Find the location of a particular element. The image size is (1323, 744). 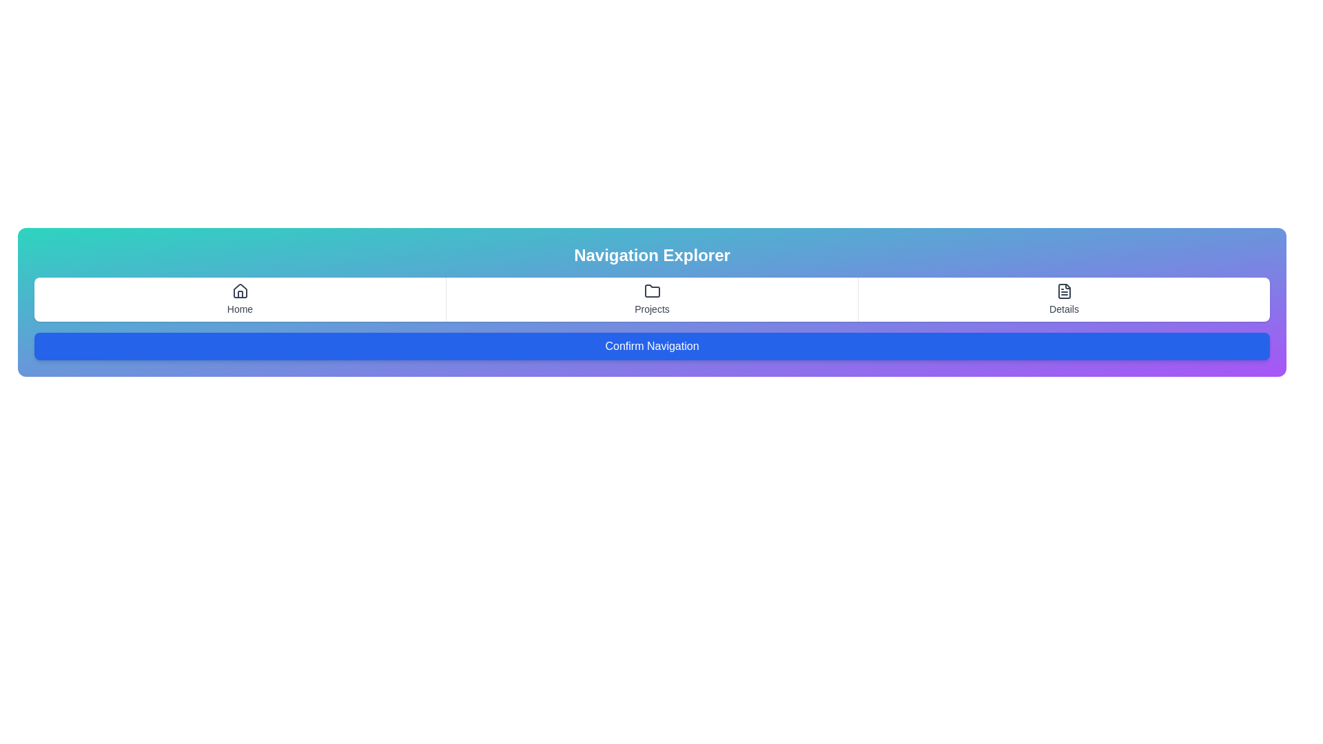

the prominent title text 'Navigation Explorer' displayed in bold white font, which is centered within a gradient rectangle transitioning from teal to purple is located at coordinates (651, 255).